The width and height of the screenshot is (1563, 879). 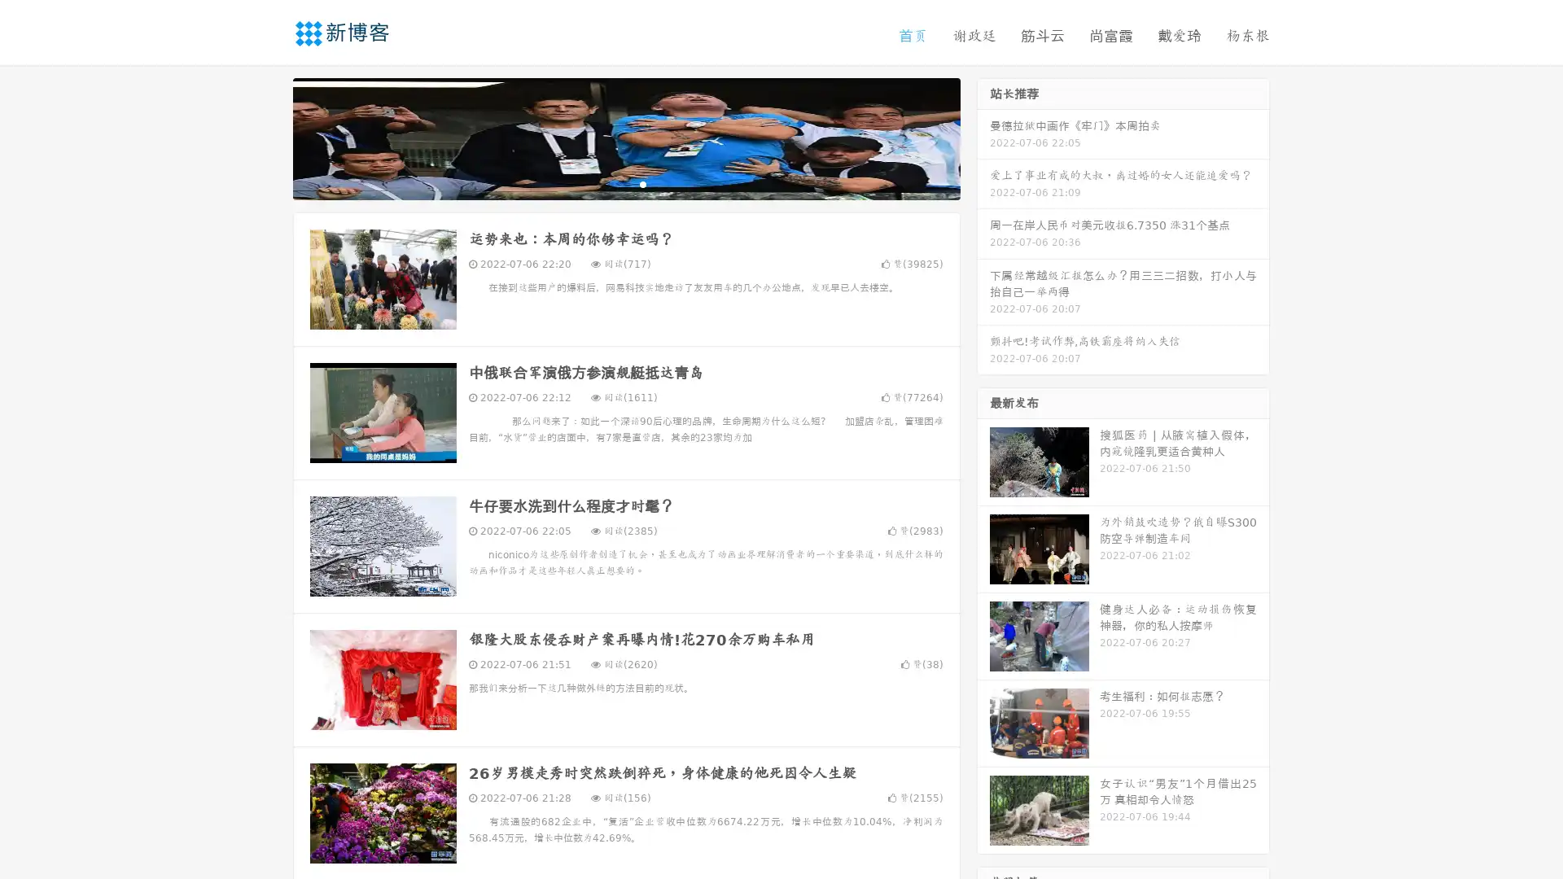 I want to click on Next slide, so click(x=983, y=137).